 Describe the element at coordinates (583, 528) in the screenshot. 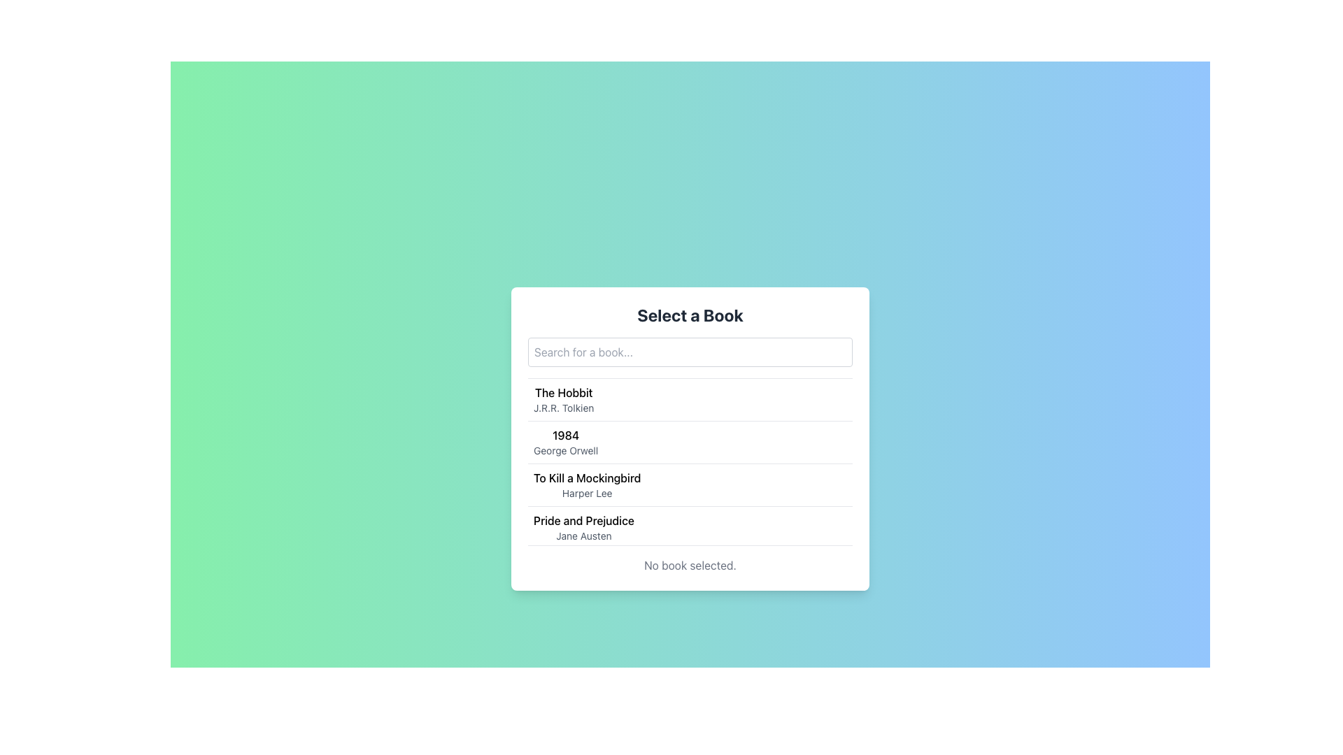

I see `the list item representing the book 'Pride and Prejudice' by Jane Austen` at that location.